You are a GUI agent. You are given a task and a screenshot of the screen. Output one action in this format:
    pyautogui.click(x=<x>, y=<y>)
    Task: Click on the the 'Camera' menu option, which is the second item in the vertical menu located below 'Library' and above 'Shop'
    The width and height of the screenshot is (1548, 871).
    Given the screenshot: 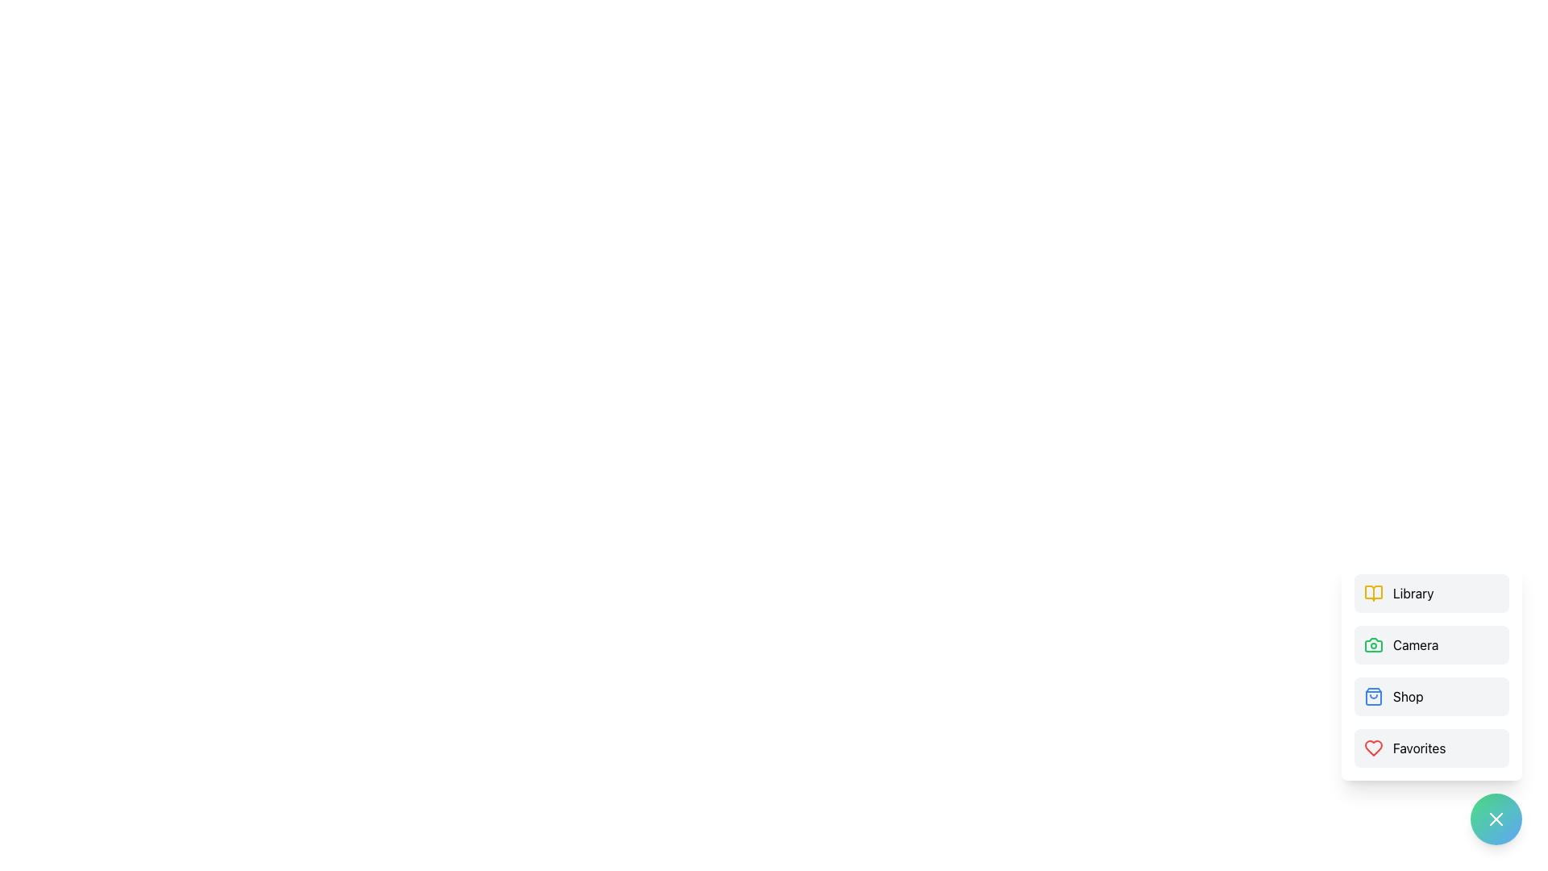 What is the action you would take?
    pyautogui.click(x=1432, y=644)
    